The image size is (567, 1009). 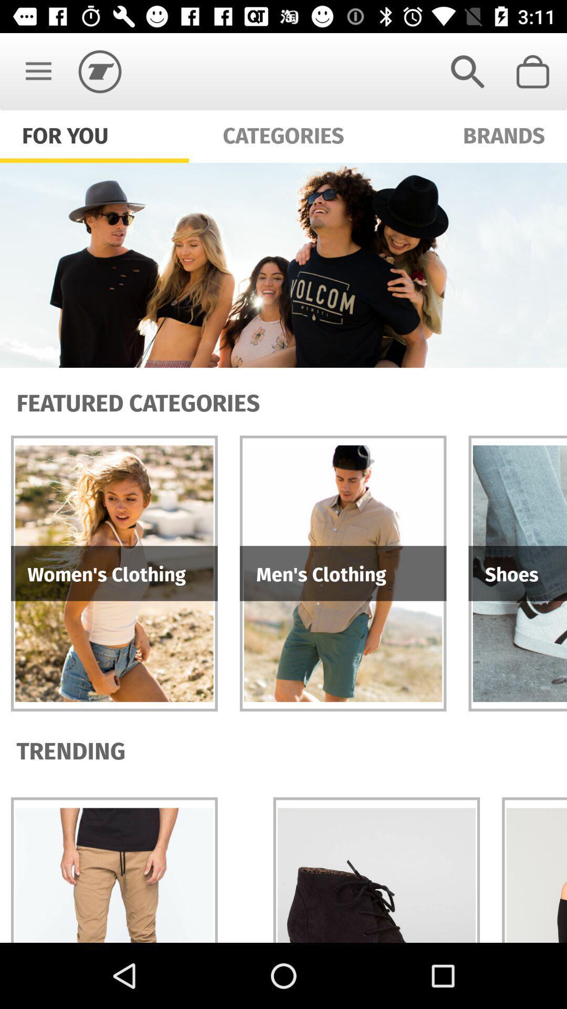 I want to click on the item above for you icon, so click(x=38, y=71).